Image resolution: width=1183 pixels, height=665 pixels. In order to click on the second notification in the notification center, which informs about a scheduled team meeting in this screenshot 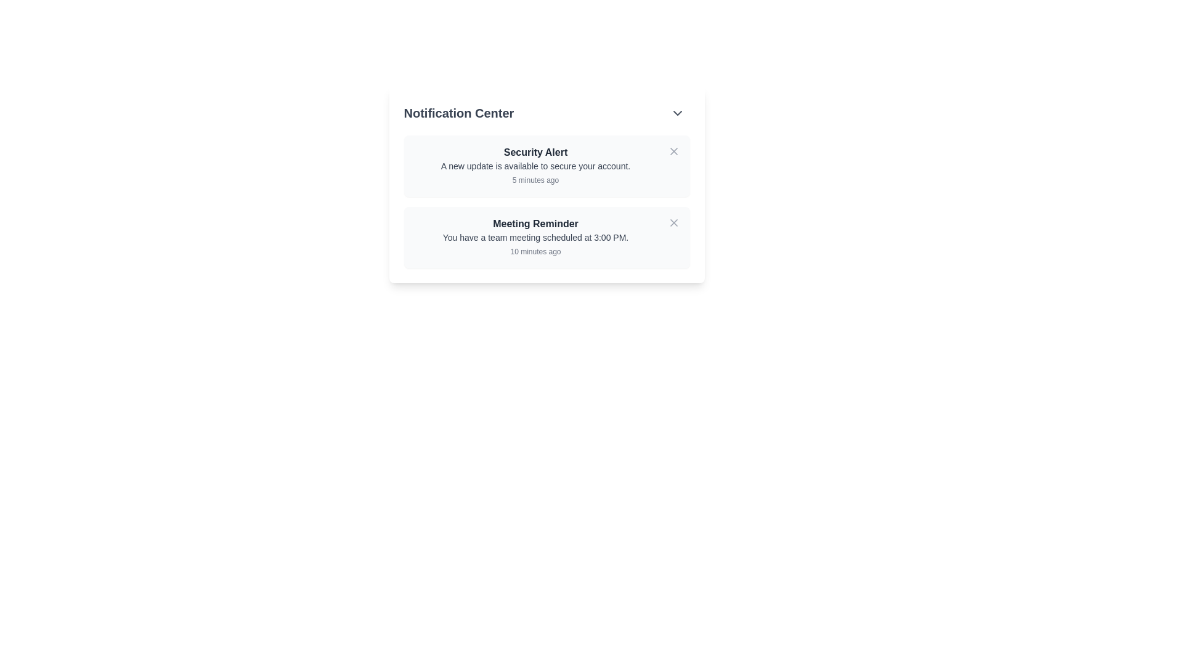, I will do `click(535, 237)`.